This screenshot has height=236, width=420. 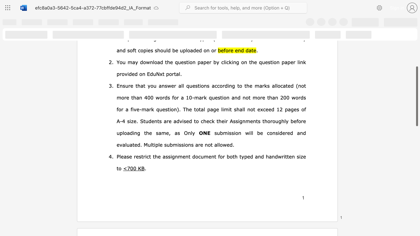 What do you see at coordinates (416, 96) in the screenshot?
I see `the scrollbar and move up 30 pixels` at bounding box center [416, 96].